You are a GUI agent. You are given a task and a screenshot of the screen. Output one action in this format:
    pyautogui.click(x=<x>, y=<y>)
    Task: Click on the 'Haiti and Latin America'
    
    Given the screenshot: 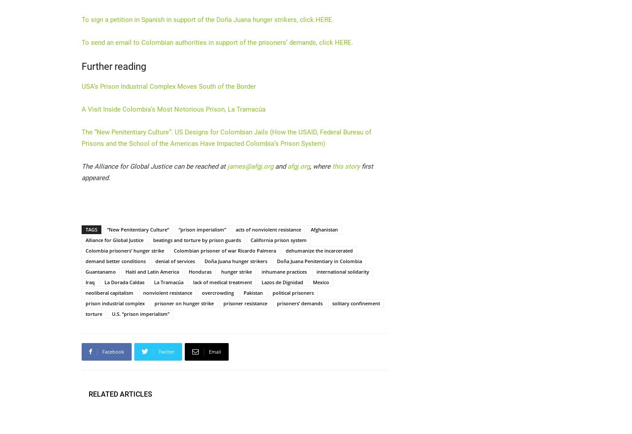 What is the action you would take?
    pyautogui.click(x=152, y=271)
    